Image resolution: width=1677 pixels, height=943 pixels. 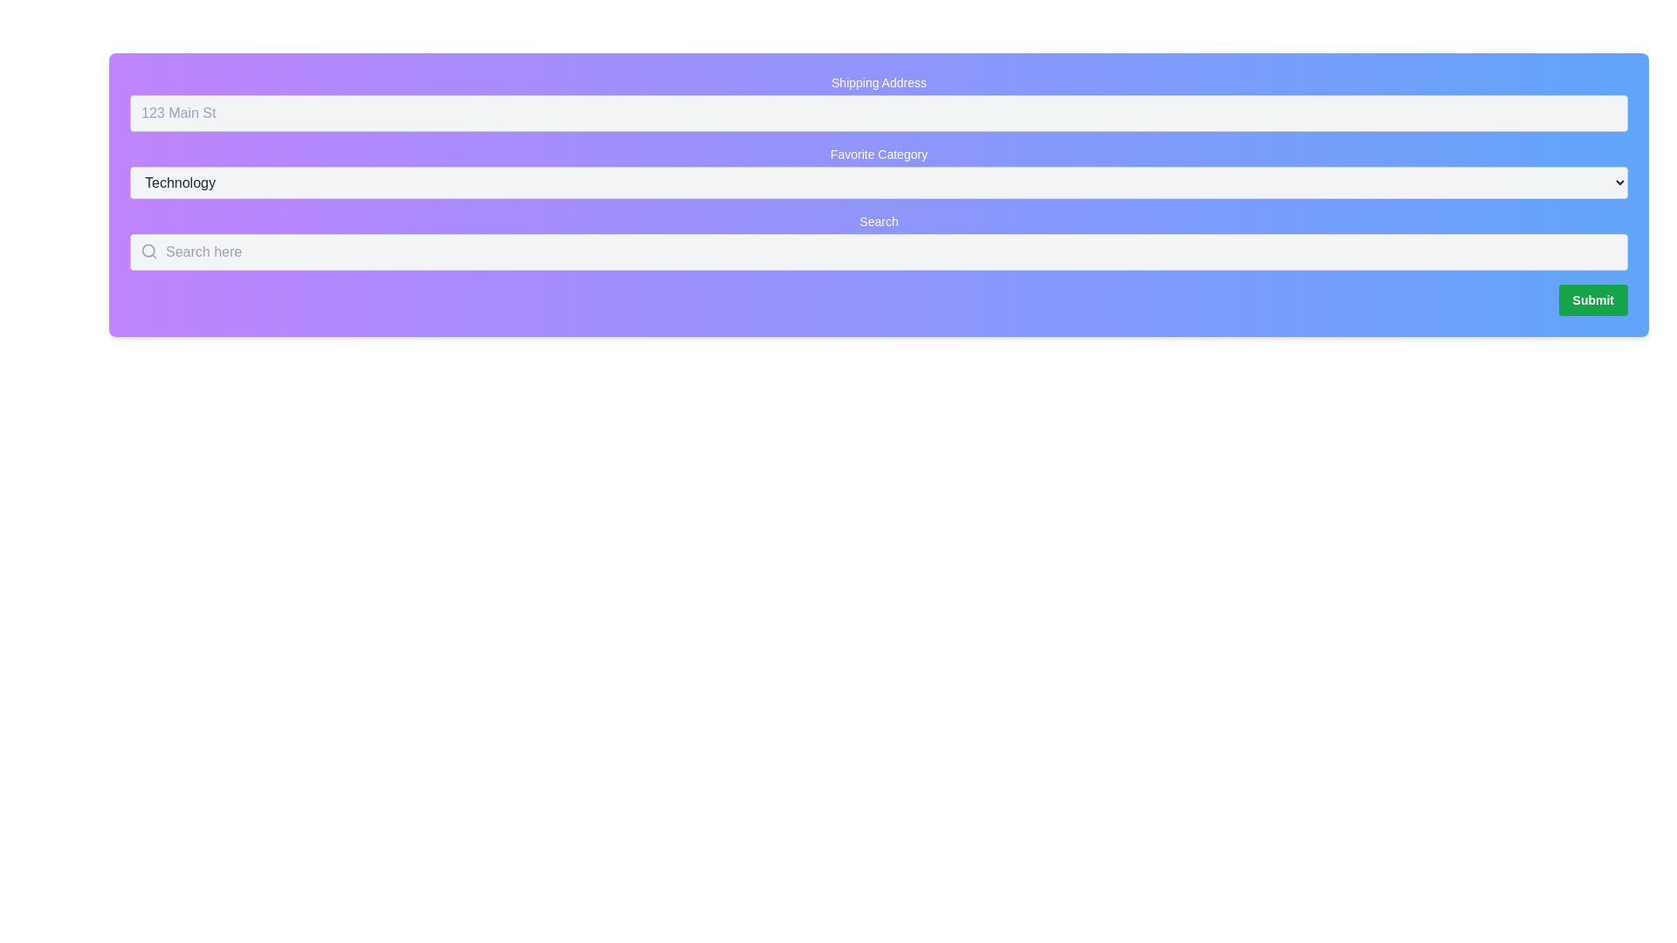 I want to click on the dropdown menu positioned between the 'Shipping Address' section above and the 'Search' section below, so click(x=879, y=172).